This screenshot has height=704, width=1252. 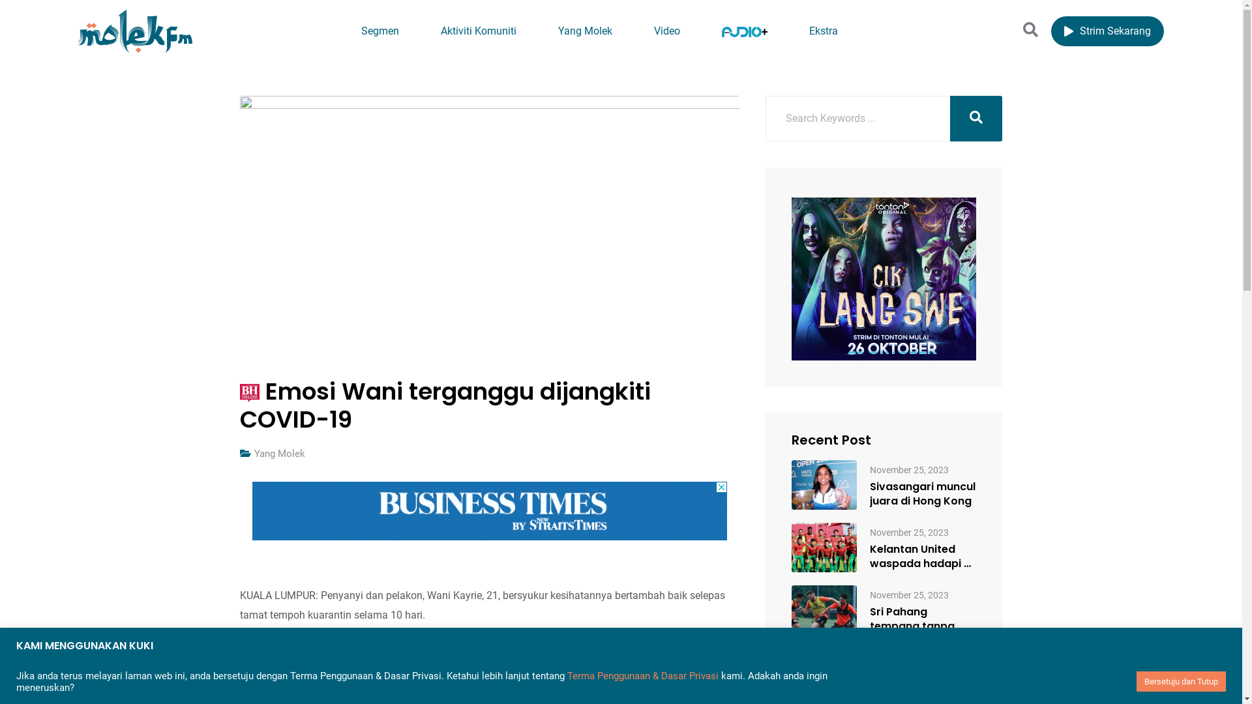 I want to click on 'Sivasangari muncul juara di Hong Kong', so click(x=870, y=494).